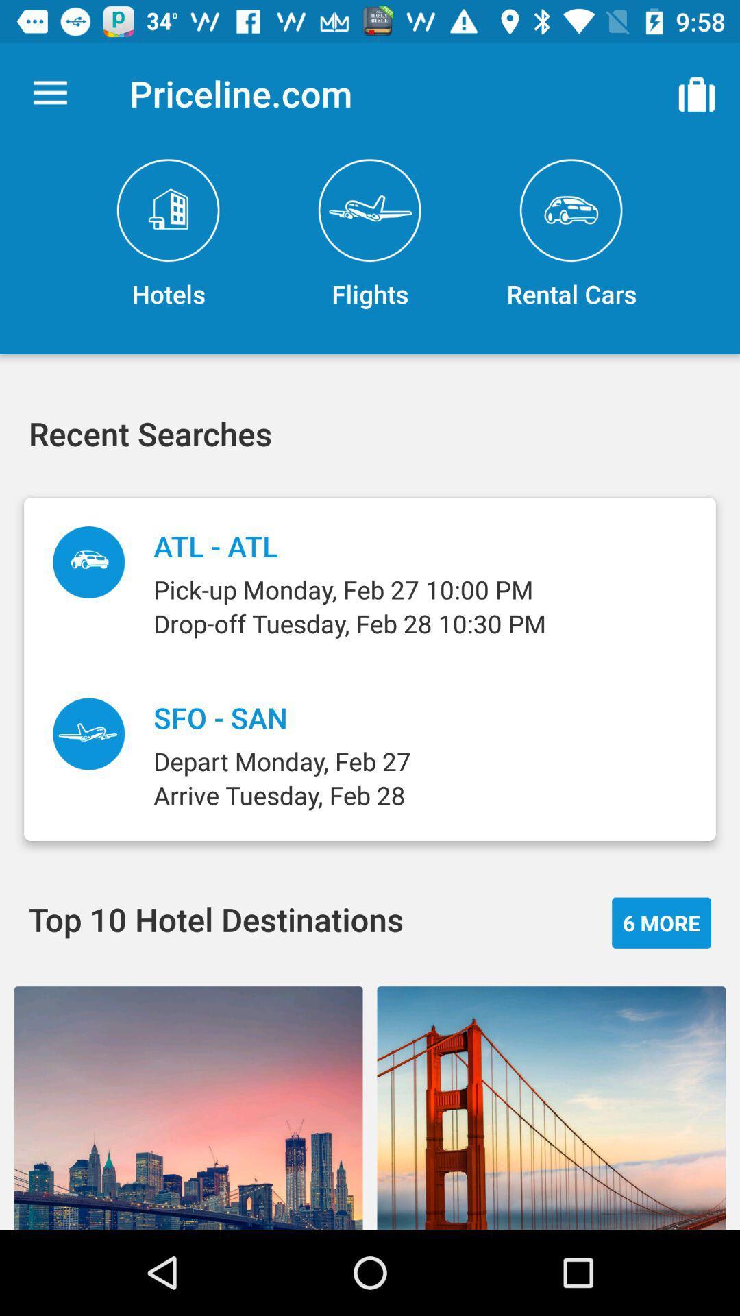 This screenshot has width=740, height=1316. Describe the element at coordinates (571, 234) in the screenshot. I see `the icon next to flights` at that location.